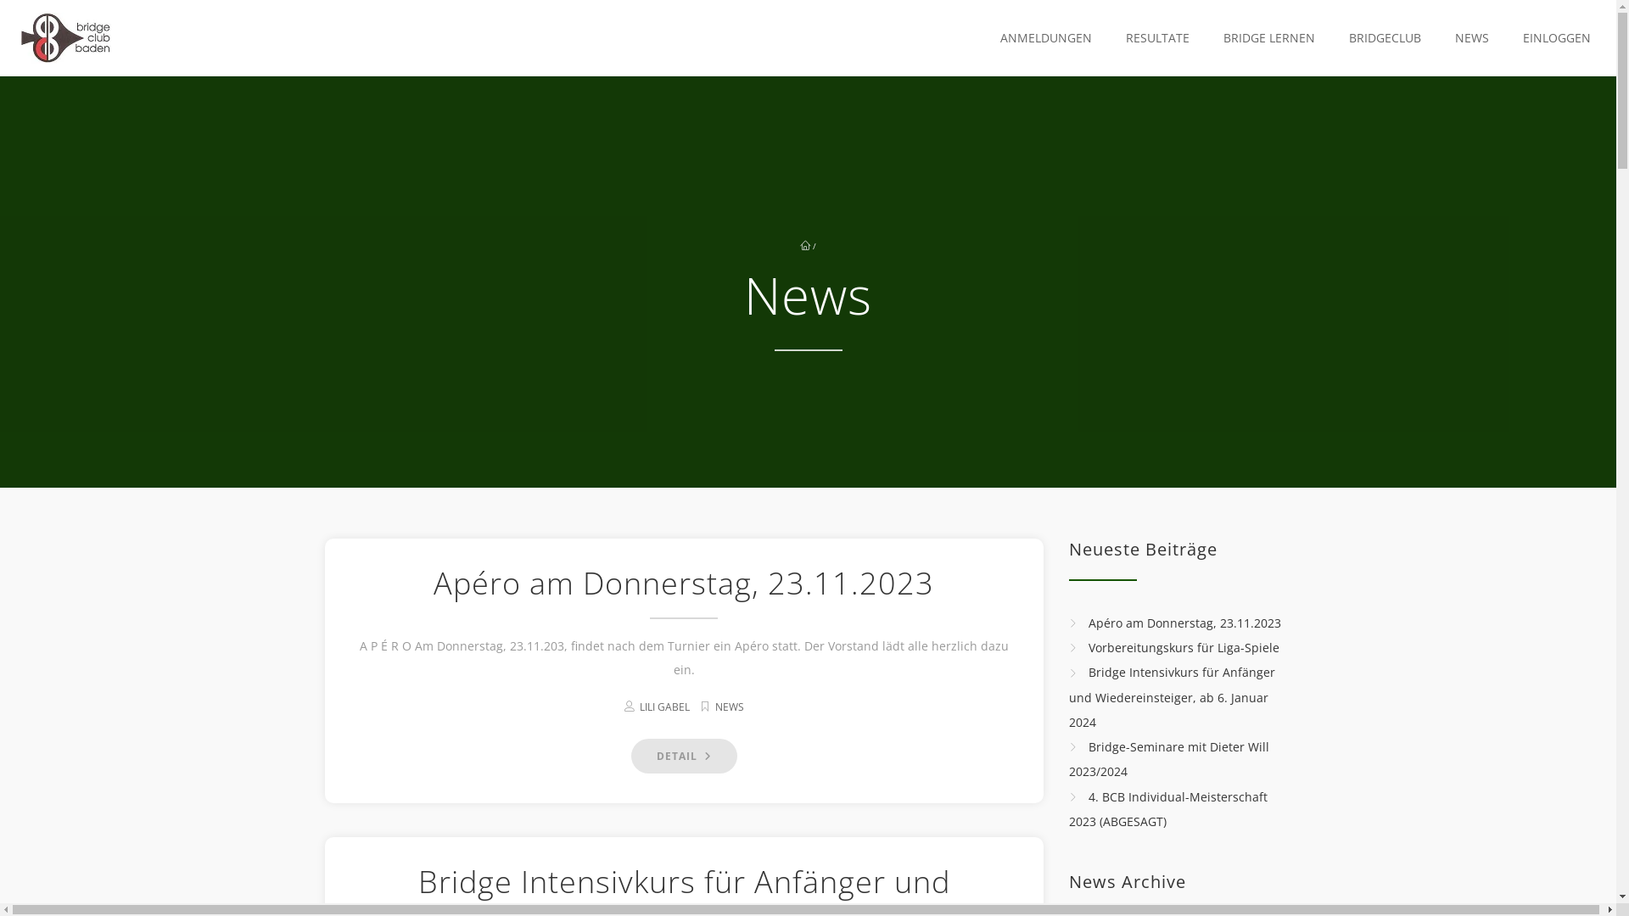  What do you see at coordinates (1552, 38) in the screenshot?
I see `'EINLOGGEN'` at bounding box center [1552, 38].